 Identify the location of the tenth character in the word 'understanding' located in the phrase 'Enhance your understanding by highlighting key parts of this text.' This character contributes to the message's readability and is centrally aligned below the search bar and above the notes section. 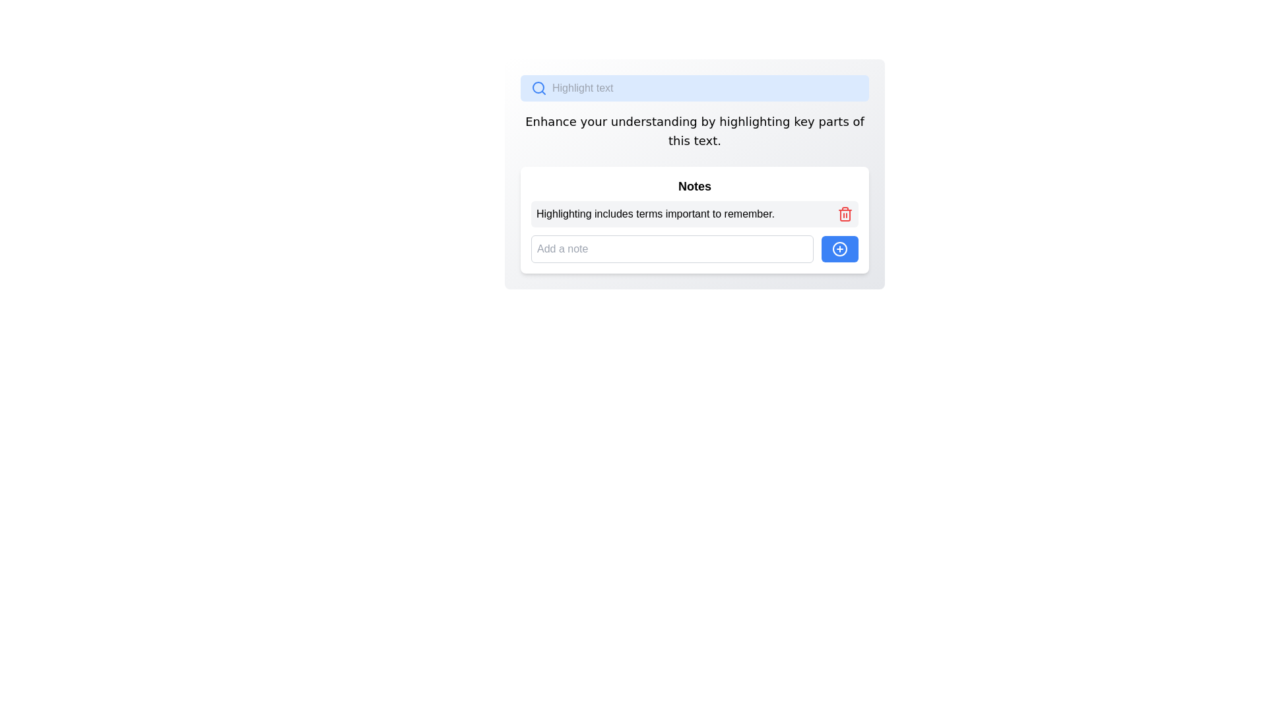
(680, 121).